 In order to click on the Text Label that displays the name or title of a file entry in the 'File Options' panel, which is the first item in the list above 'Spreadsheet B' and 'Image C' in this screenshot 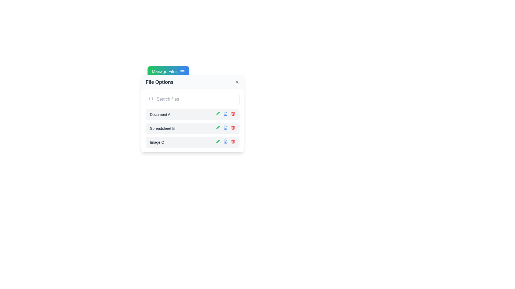, I will do `click(160, 114)`.